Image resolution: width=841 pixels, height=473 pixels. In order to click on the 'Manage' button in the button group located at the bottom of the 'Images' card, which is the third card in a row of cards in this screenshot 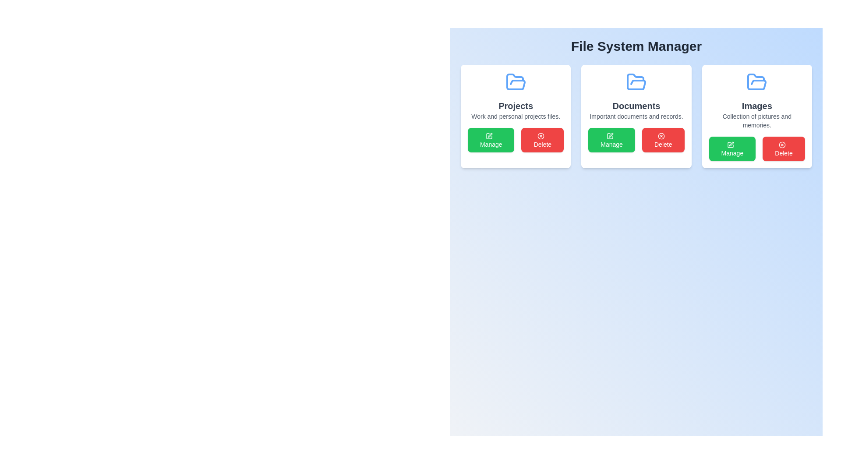, I will do `click(756, 148)`.